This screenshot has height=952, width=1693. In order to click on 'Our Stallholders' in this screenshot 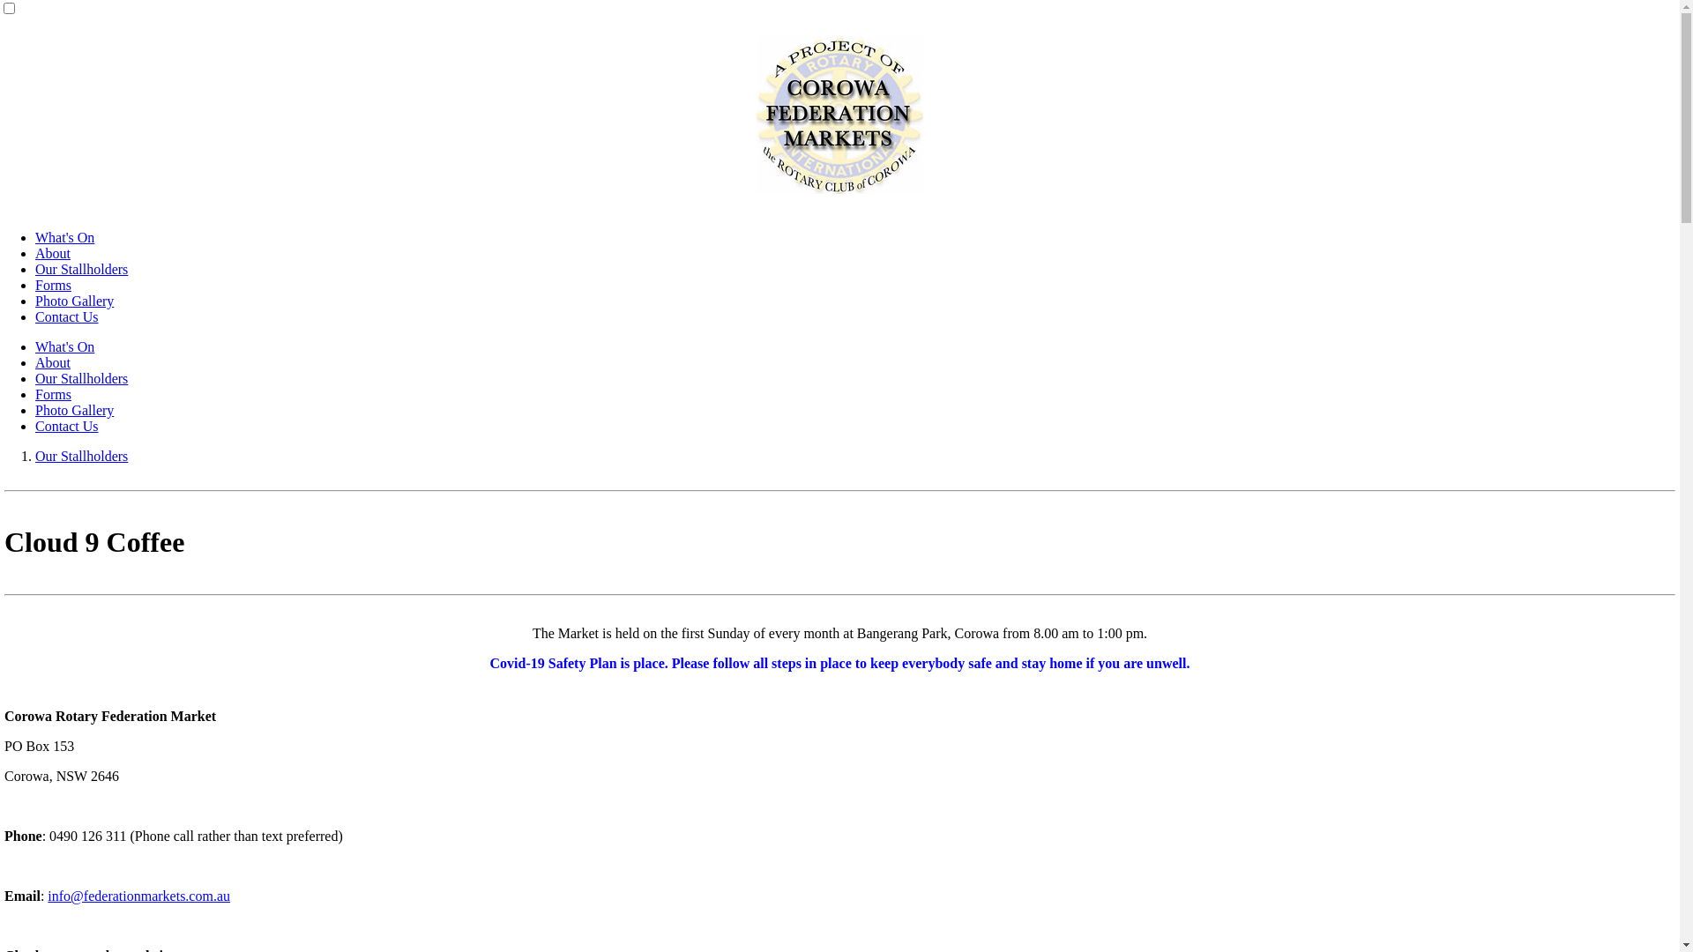, I will do `click(80, 377)`.